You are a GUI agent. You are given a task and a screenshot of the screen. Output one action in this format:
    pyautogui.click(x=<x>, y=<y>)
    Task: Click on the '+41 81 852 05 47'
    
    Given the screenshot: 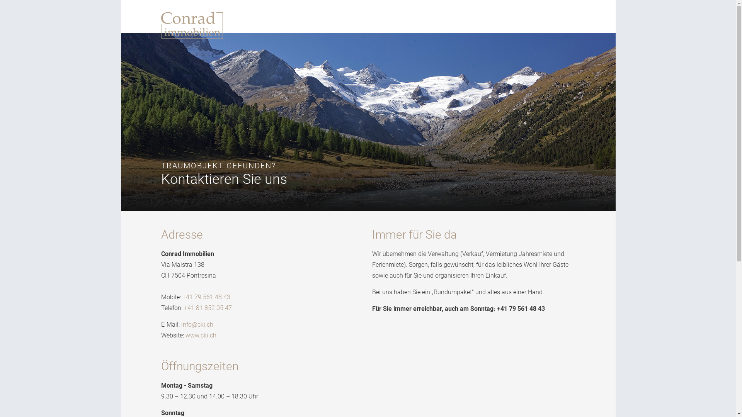 What is the action you would take?
    pyautogui.click(x=208, y=307)
    